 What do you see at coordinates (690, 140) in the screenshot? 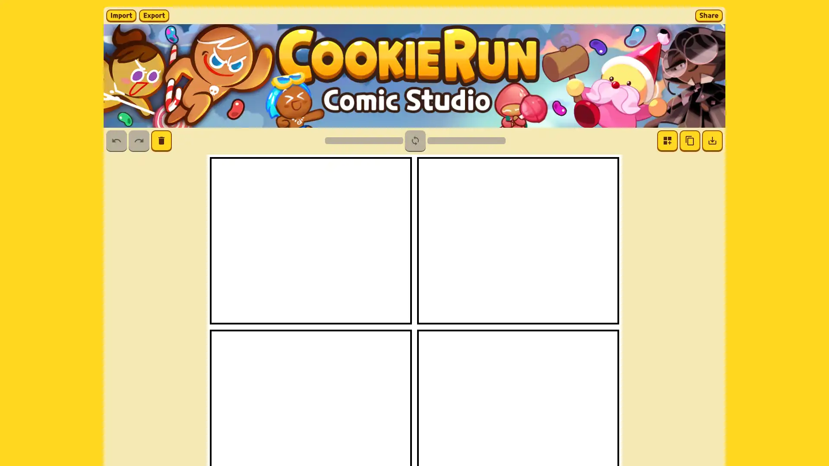
I see `content_copy` at bounding box center [690, 140].